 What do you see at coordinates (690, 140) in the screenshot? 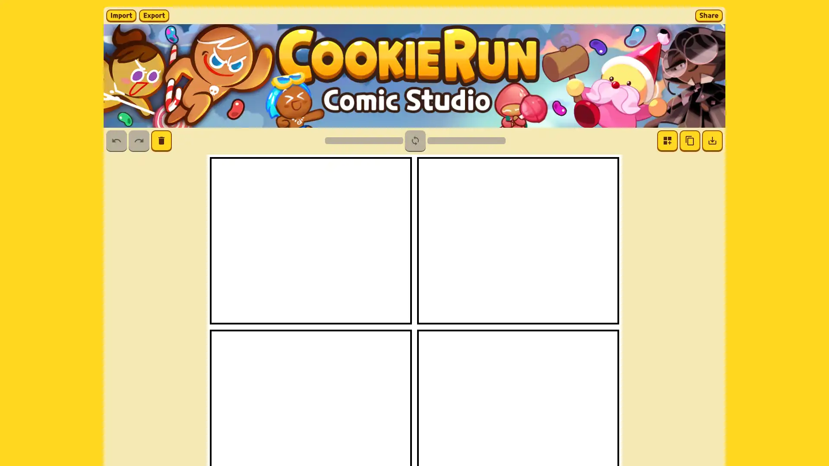
I see `content_copy` at bounding box center [690, 140].